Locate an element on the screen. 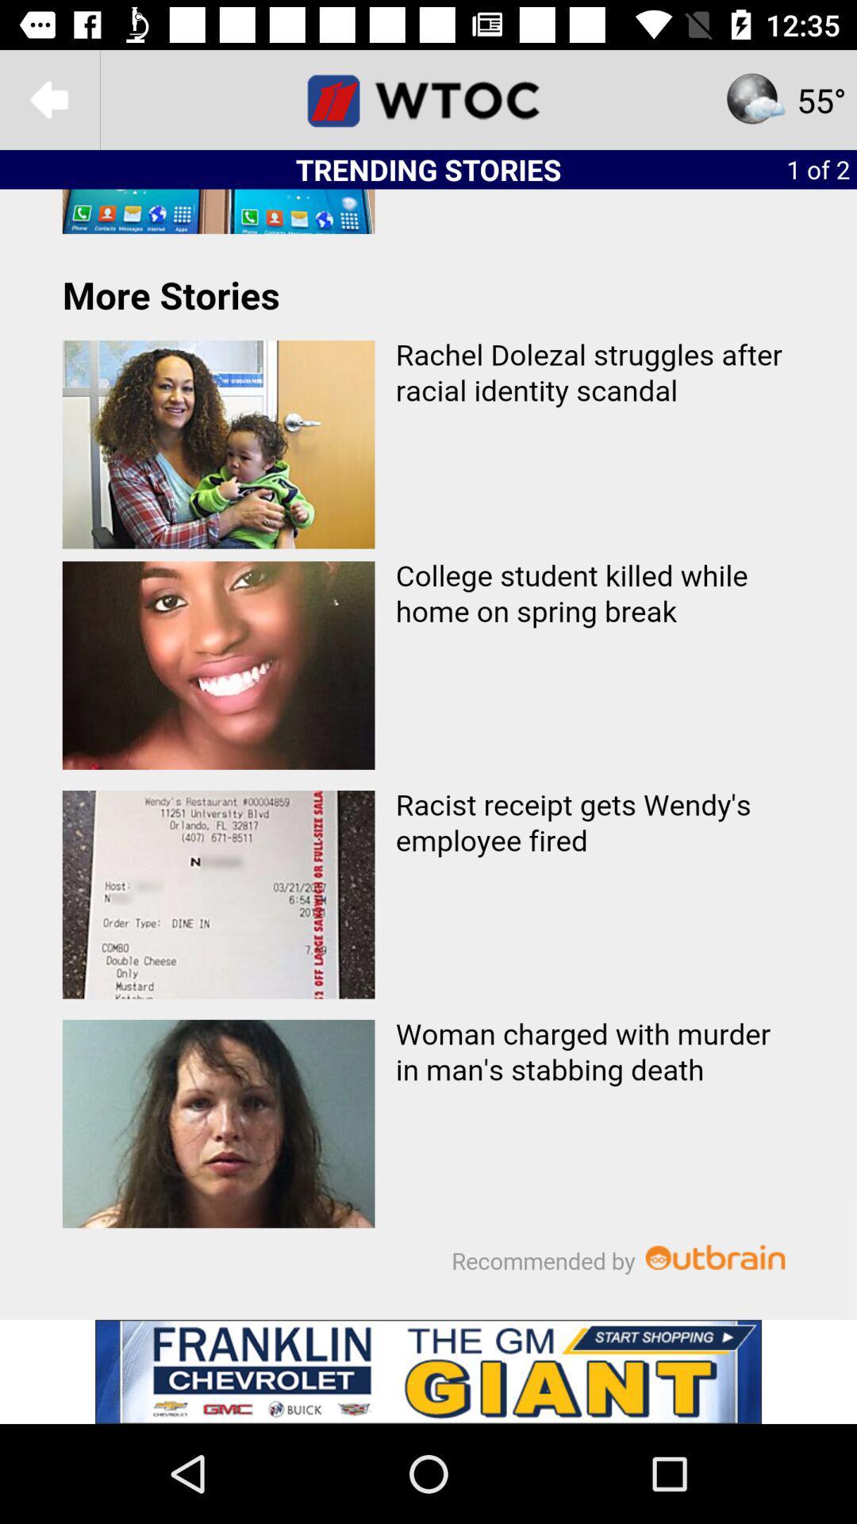  home page for wtoc is located at coordinates (428, 98).